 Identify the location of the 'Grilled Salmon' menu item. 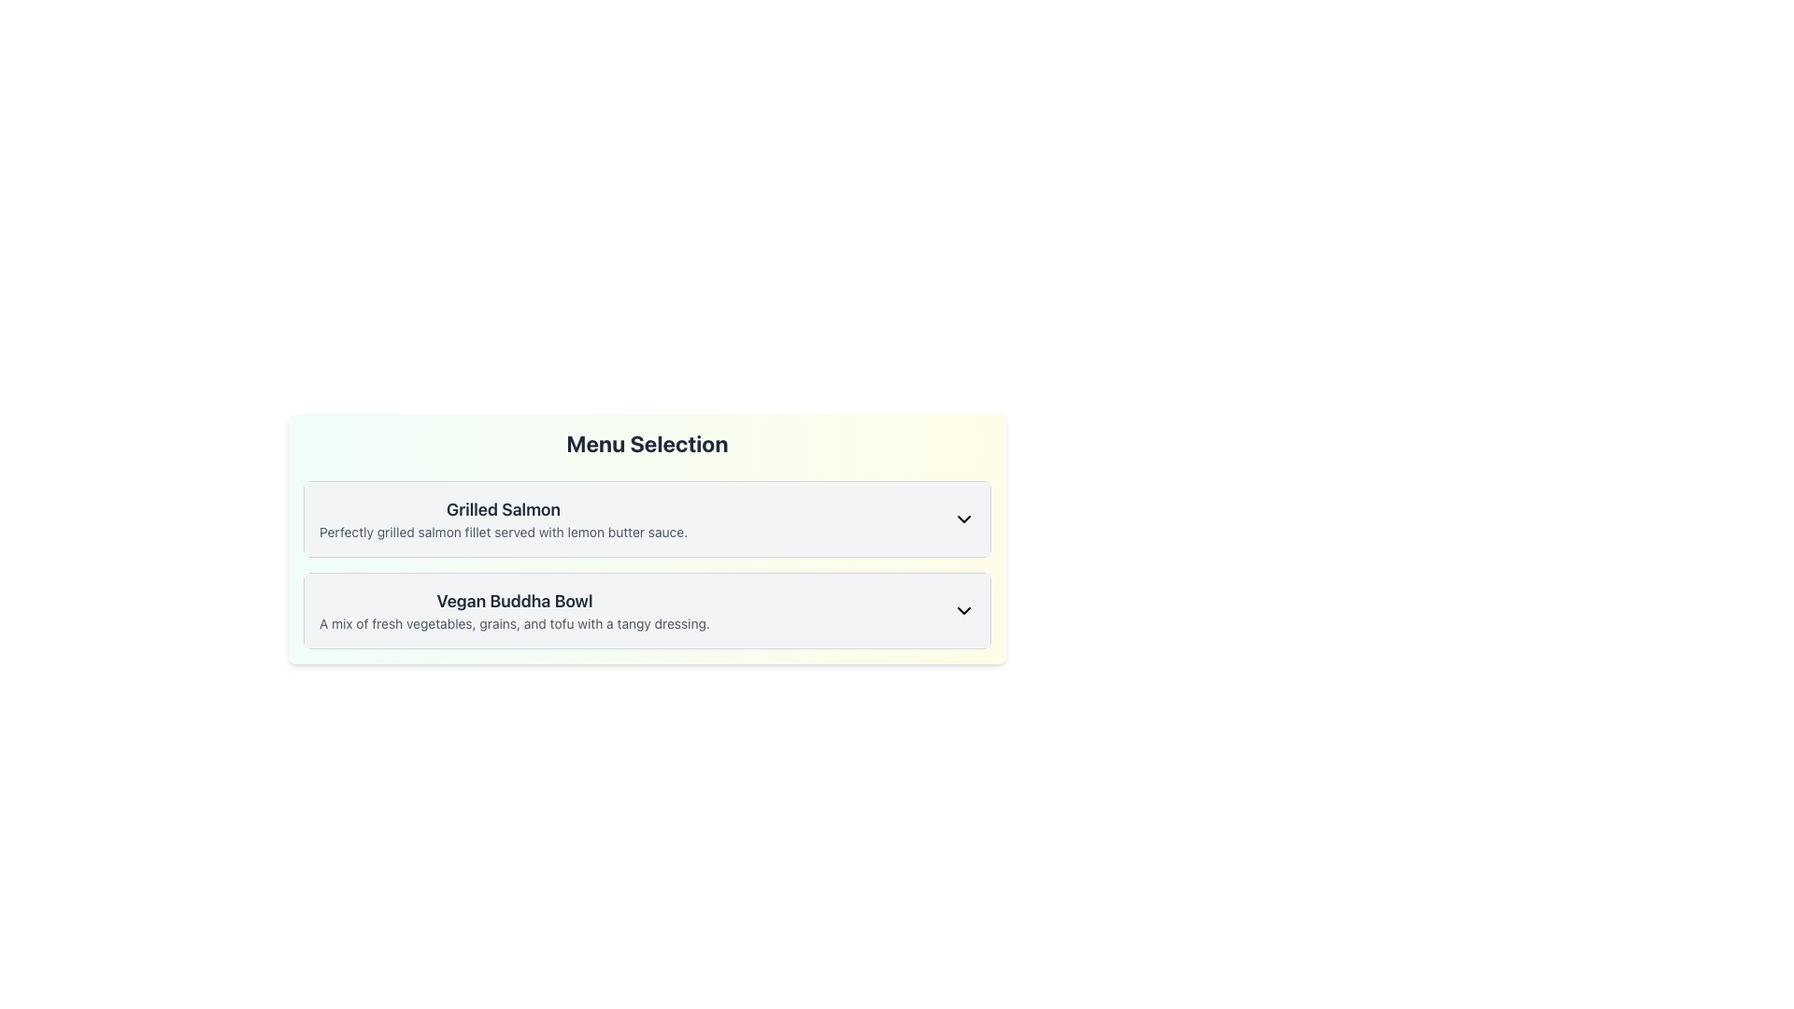
(647, 519).